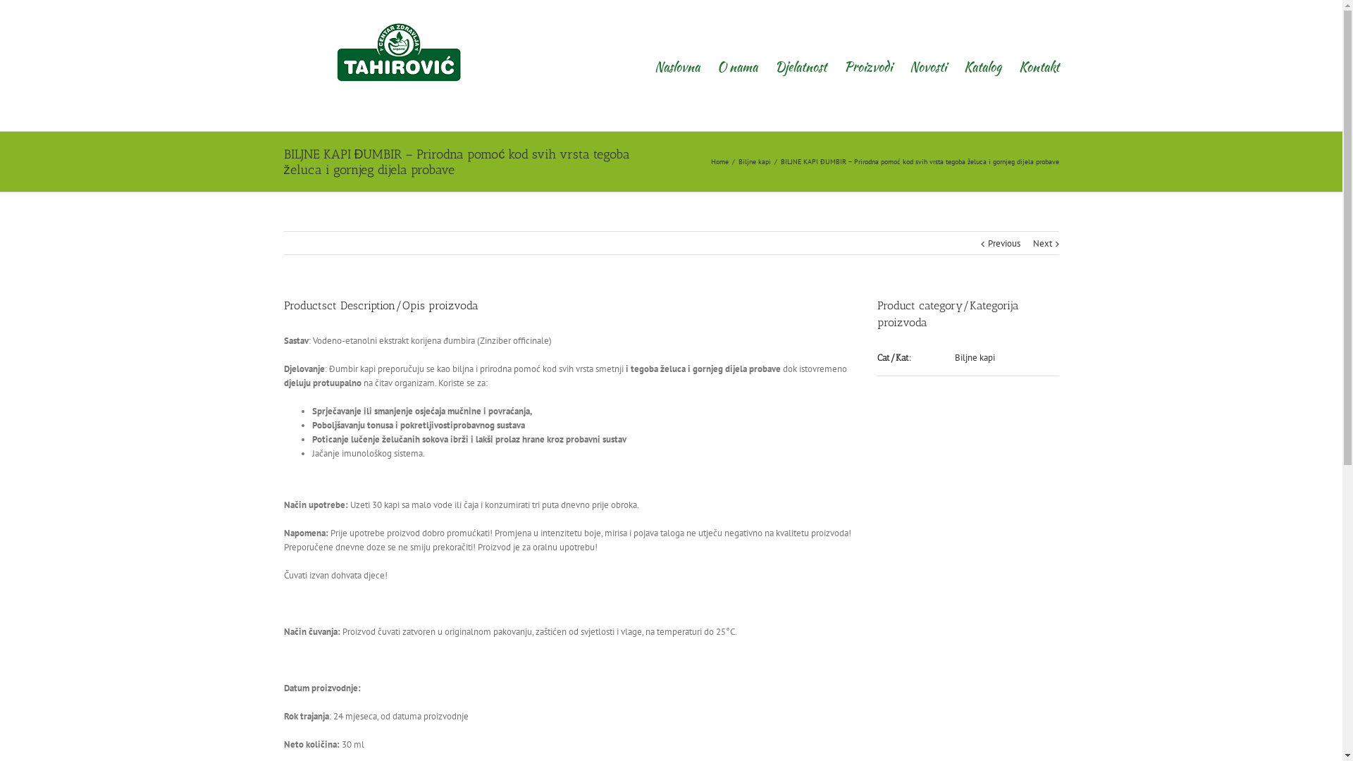 This screenshot has width=1353, height=761. I want to click on 'Kontakt', so click(1039, 65).